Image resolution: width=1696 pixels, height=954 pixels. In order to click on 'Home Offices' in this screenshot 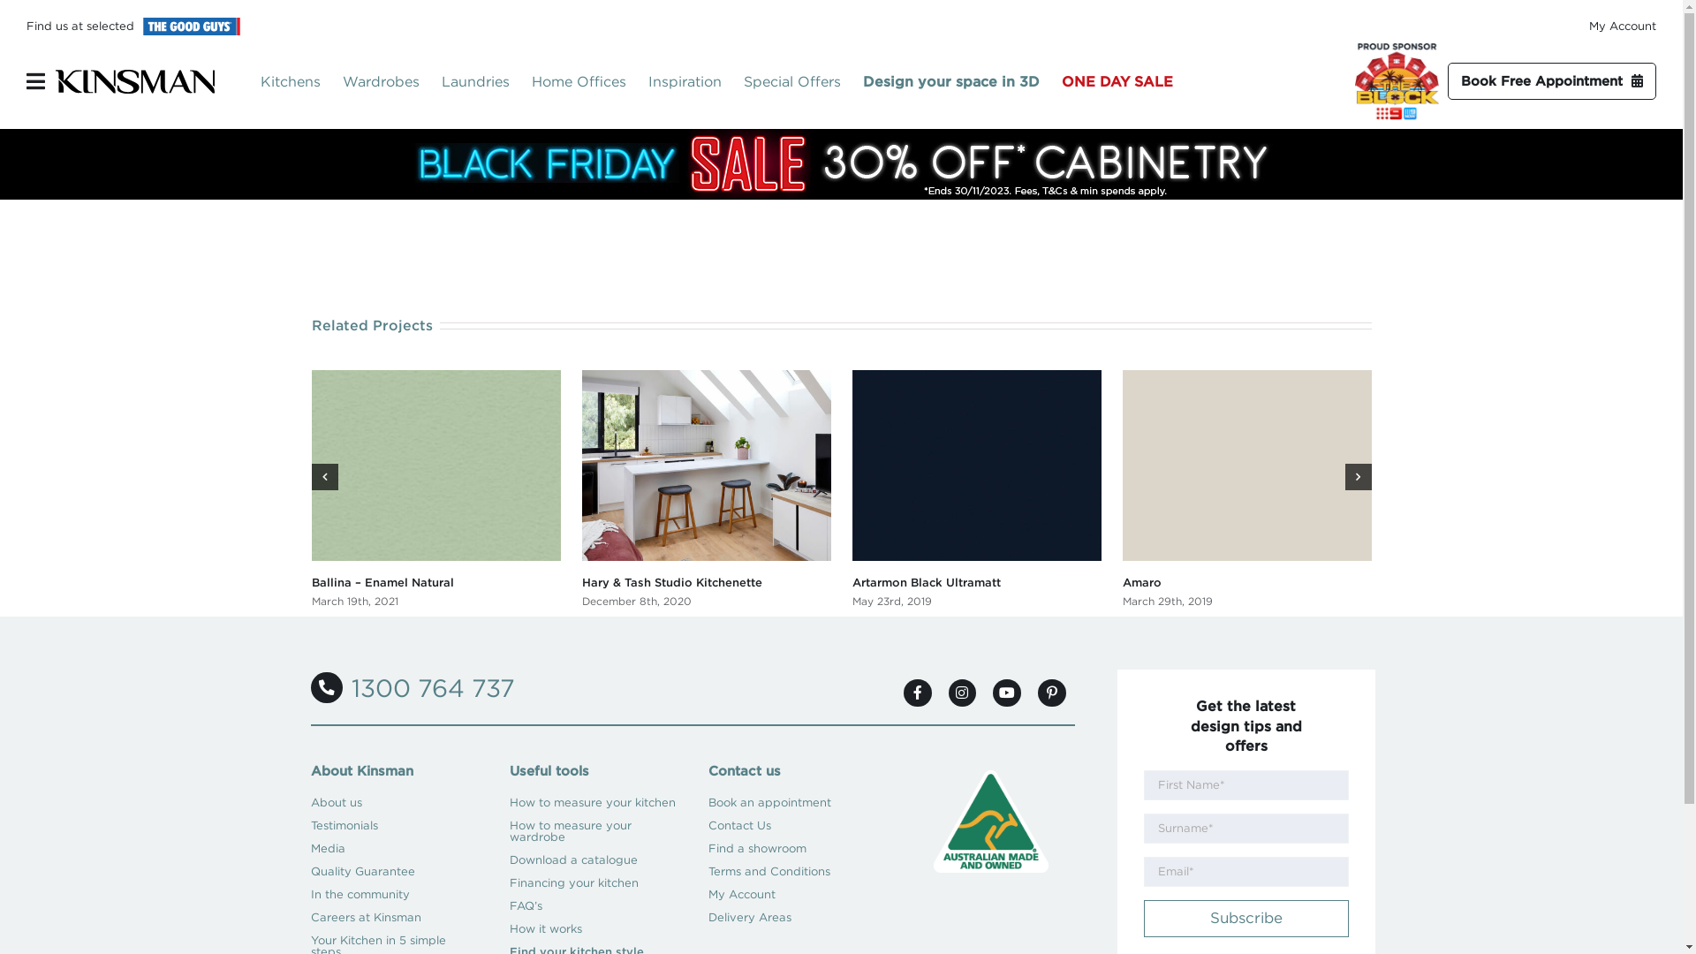, I will do `click(589, 81)`.